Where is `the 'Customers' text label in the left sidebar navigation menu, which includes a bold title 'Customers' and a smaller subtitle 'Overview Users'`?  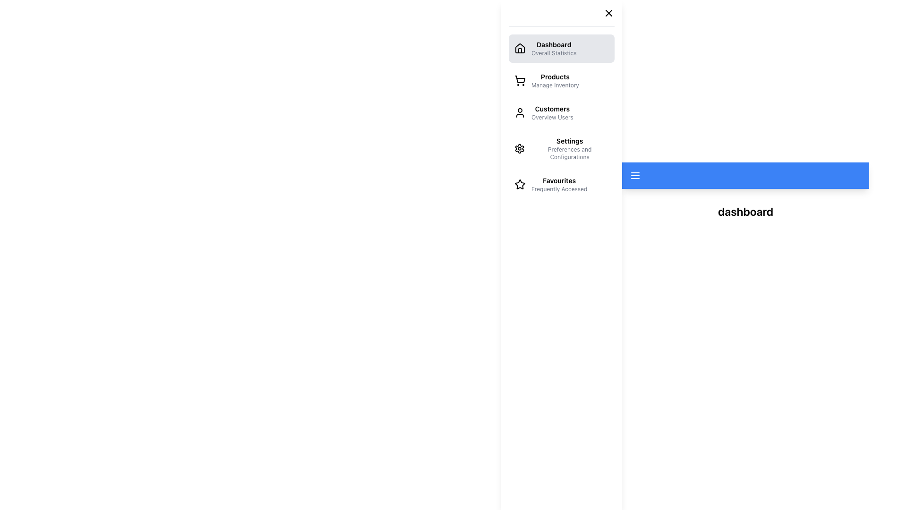
the 'Customers' text label in the left sidebar navigation menu, which includes a bold title 'Customers' and a smaller subtitle 'Overview Users' is located at coordinates (552, 112).